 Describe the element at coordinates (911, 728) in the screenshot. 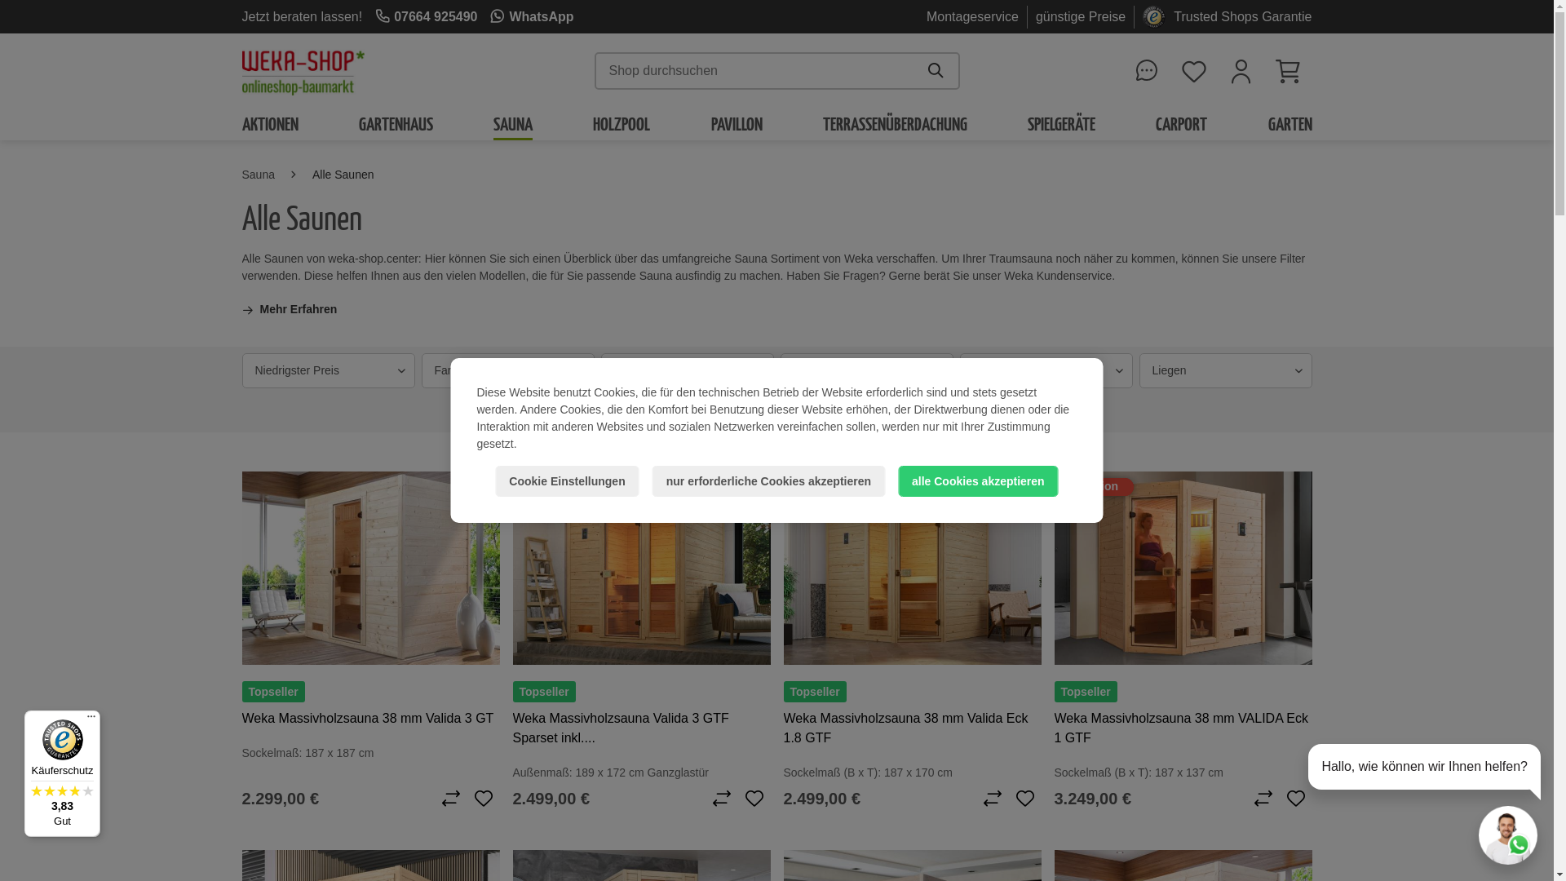

I see `'Weka Massivholzsauna 38 mm Valida Eck 1.8 GTF'` at that location.